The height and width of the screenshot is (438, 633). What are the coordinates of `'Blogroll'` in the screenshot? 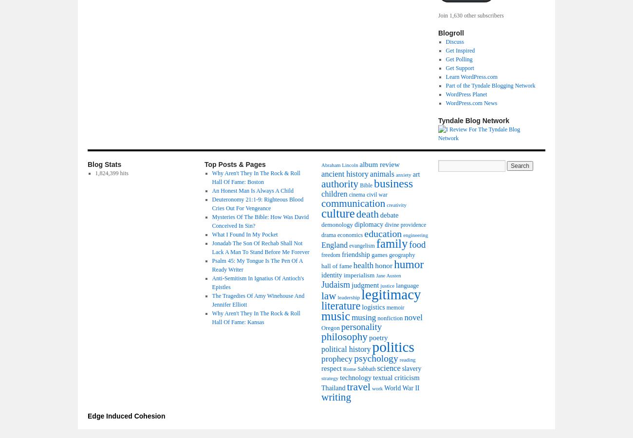 It's located at (450, 33).